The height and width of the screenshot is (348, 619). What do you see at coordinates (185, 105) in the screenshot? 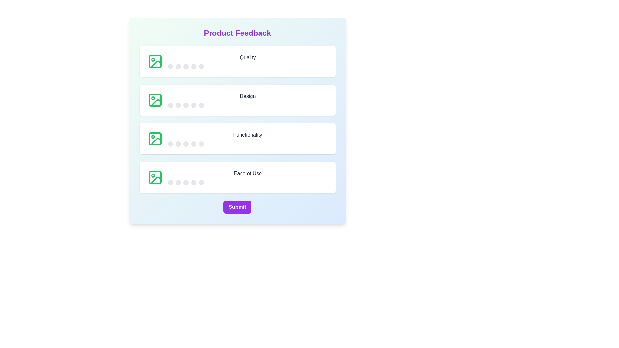
I see `the star corresponding to 3 for the 'Design' category` at bounding box center [185, 105].